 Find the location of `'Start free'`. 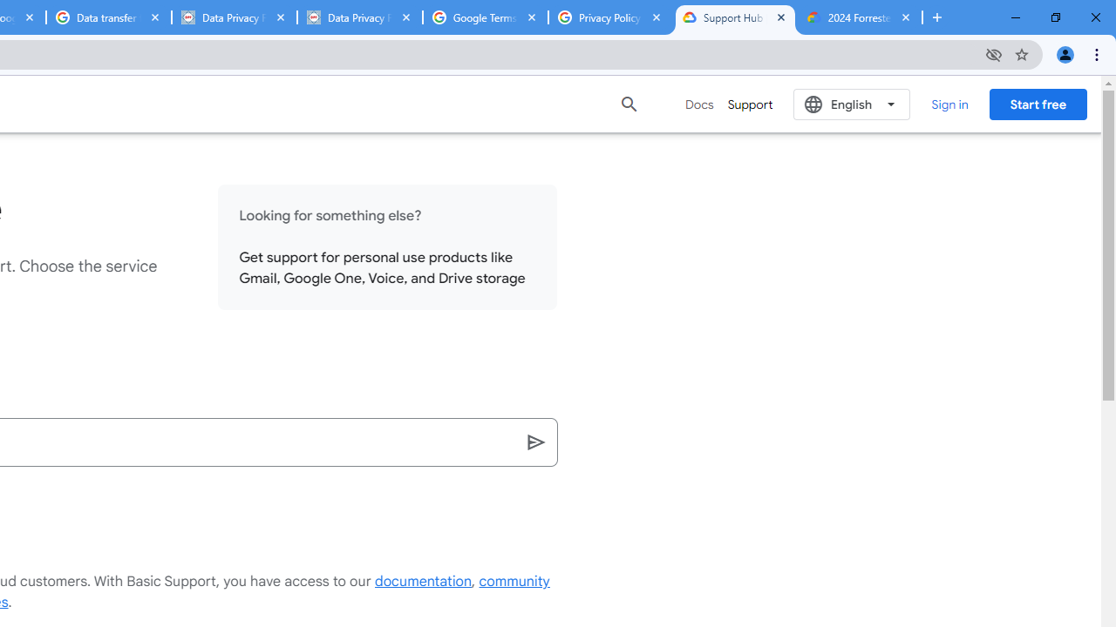

'Start free' is located at coordinates (1038, 104).